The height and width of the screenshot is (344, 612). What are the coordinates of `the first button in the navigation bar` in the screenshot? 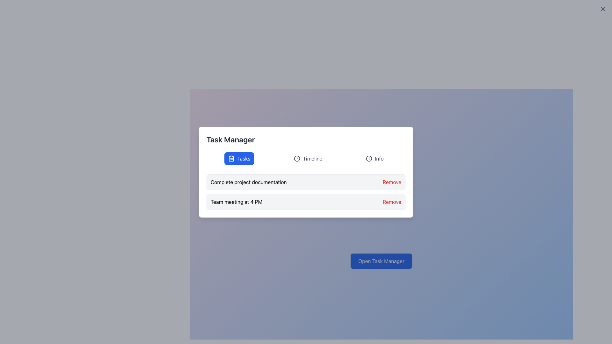 It's located at (239, 158).